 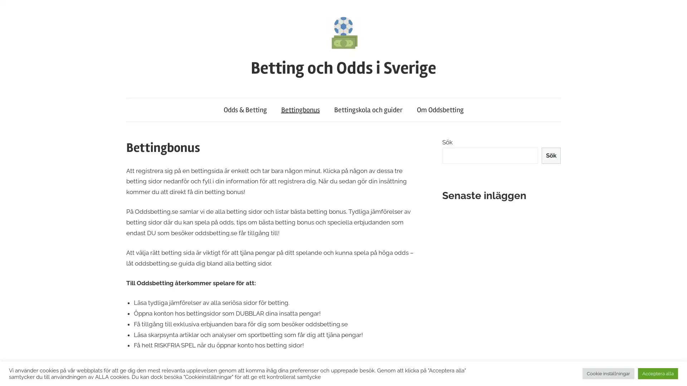 I want to click on Cookie installningar, so click(x=608, y=373).